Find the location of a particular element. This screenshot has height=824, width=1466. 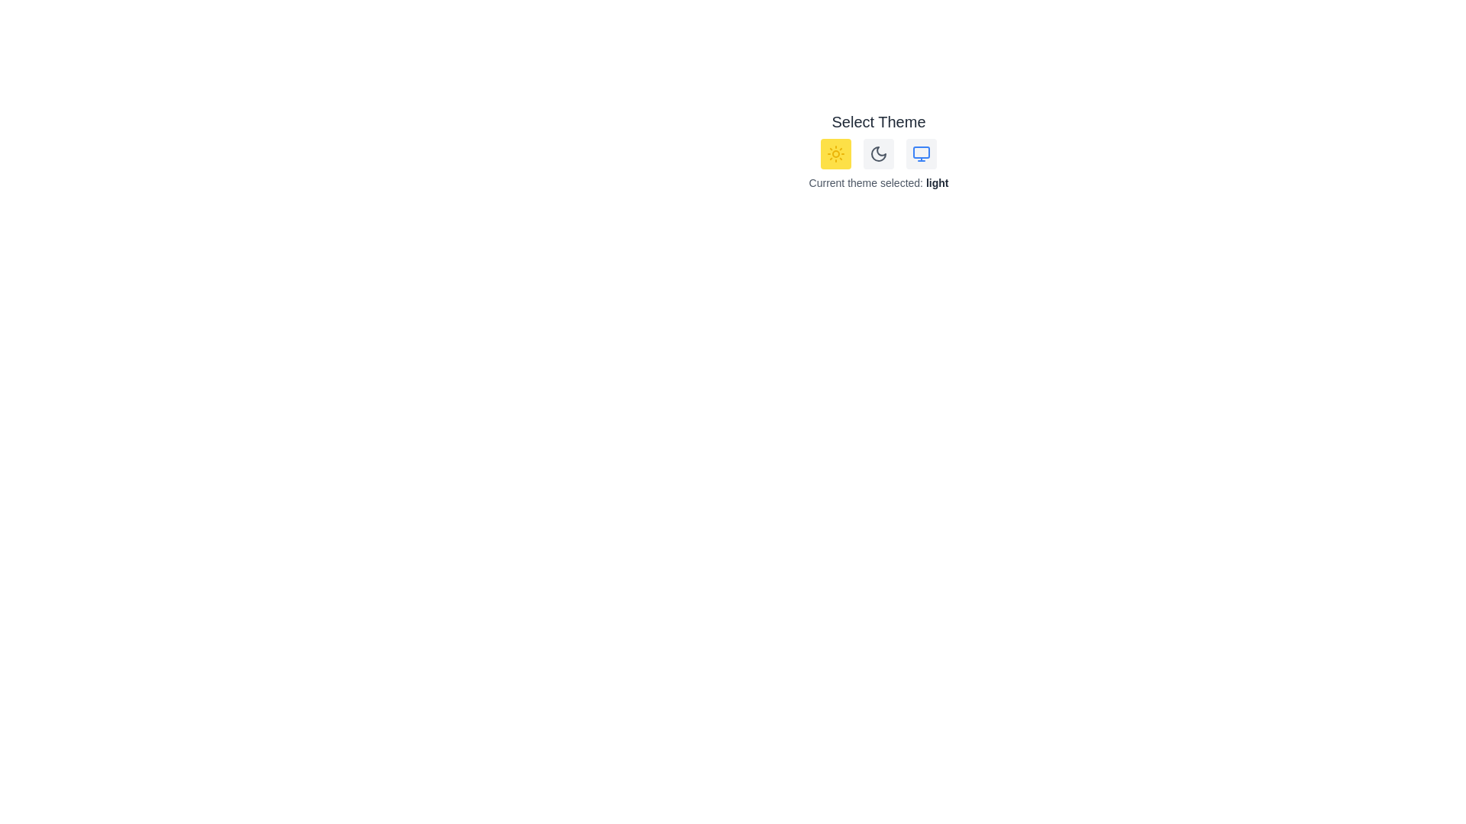

the 'Sun' button to select the light theme is located at coordinates (835, 153).